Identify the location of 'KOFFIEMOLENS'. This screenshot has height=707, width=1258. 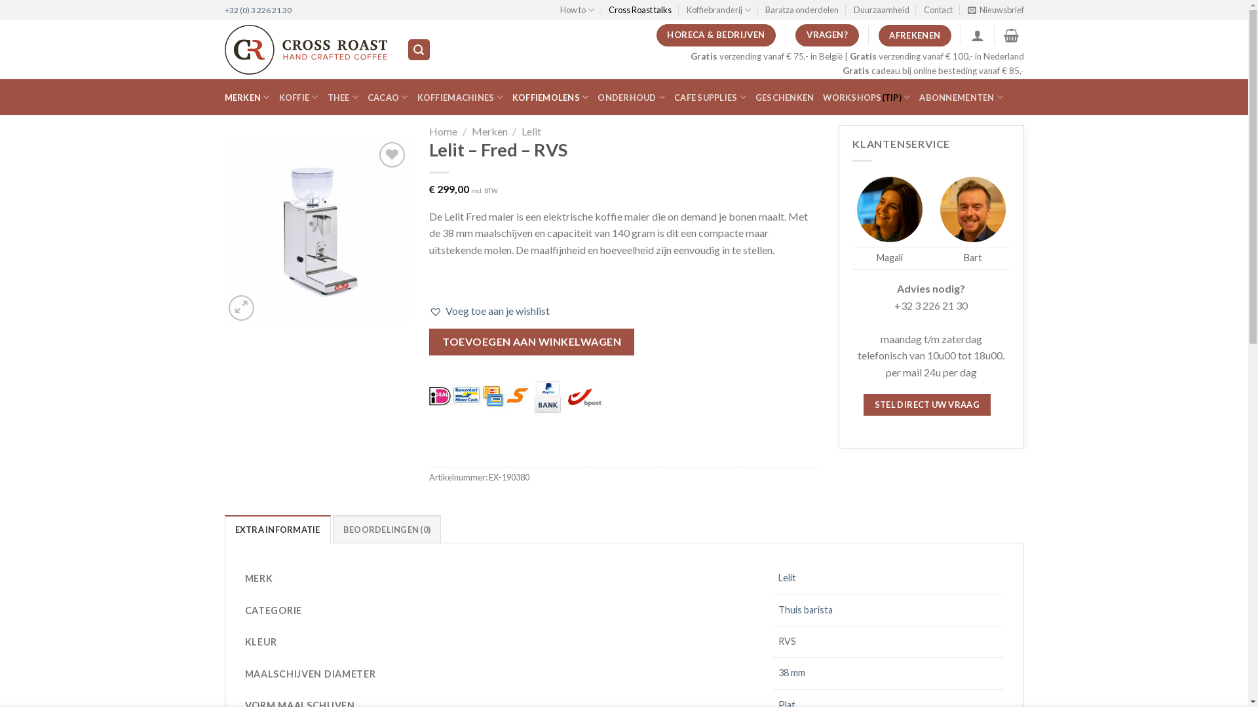
(550, 97).